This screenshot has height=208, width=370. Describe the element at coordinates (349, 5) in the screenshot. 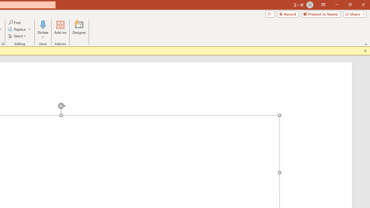

I see `'Restore Down'` at that location.